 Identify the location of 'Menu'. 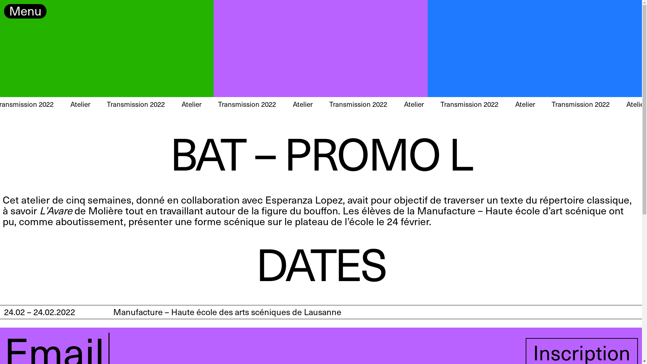
(25, 11).